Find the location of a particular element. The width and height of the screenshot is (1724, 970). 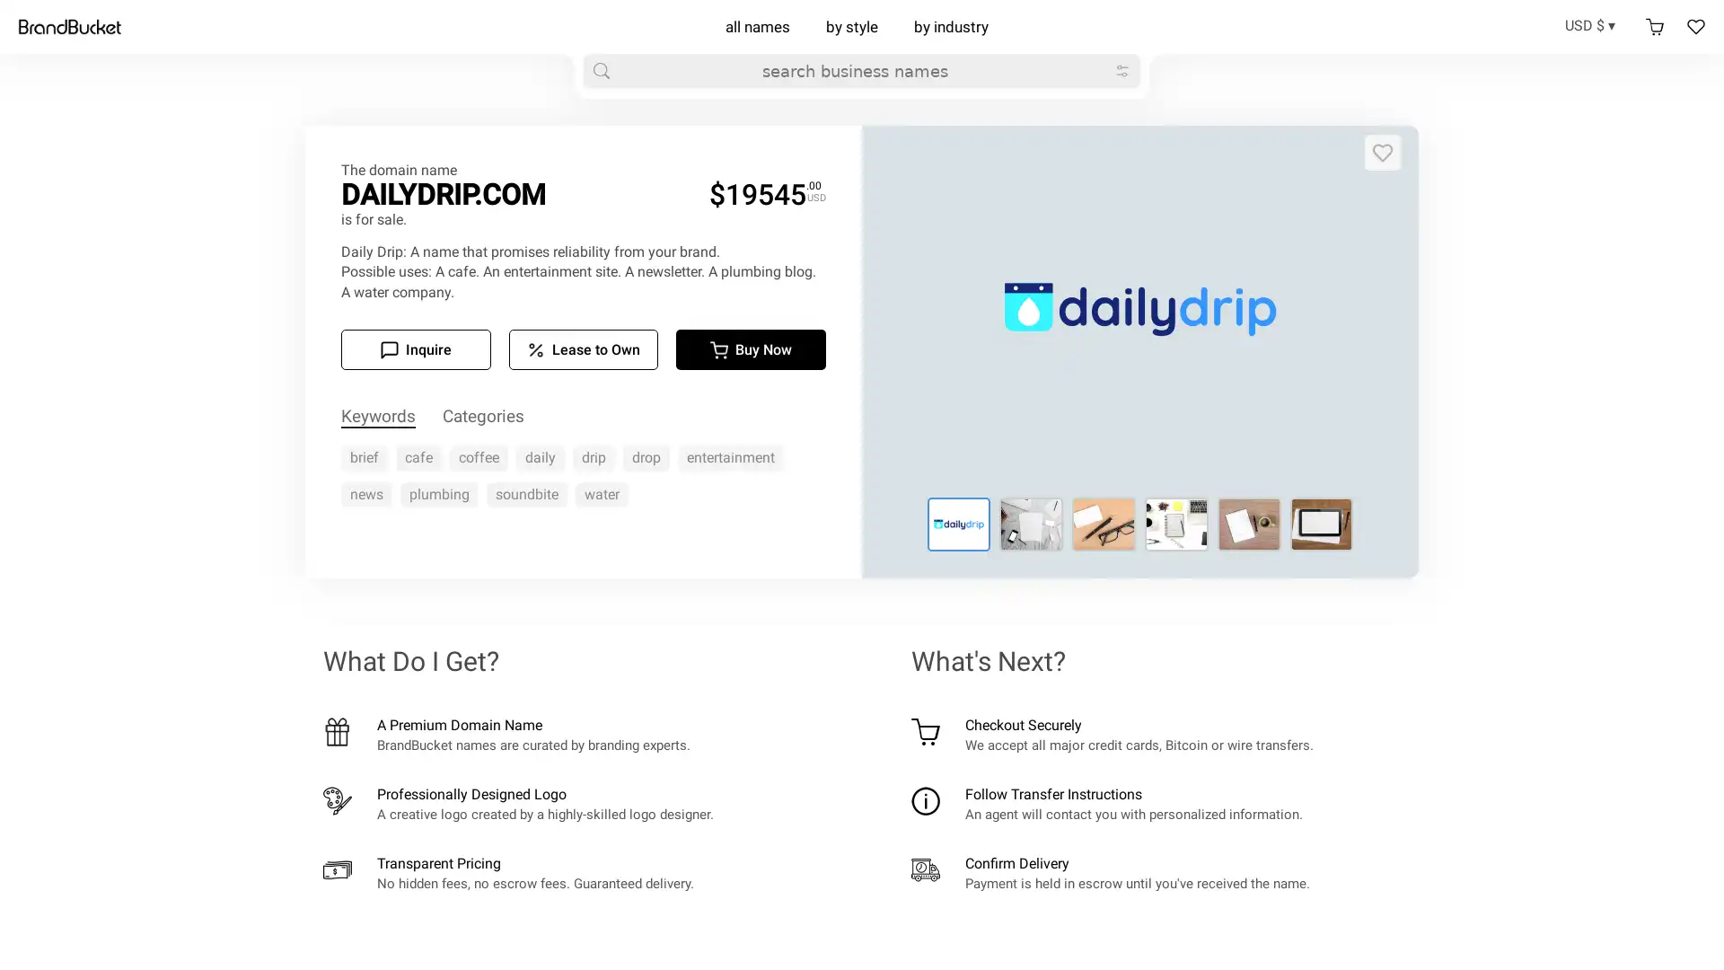

Buy now Buy Now is located at coordinates (751, 349).